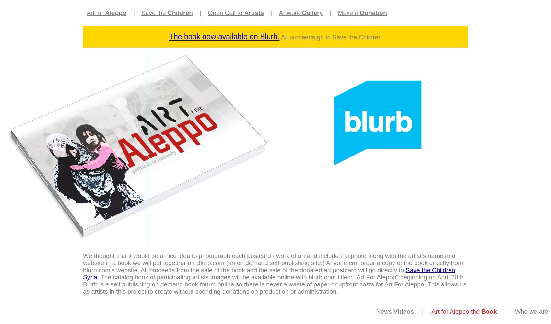 The width and height of the screenshot is (551, 324). I want to click on 'Art for', so click(87, 13).